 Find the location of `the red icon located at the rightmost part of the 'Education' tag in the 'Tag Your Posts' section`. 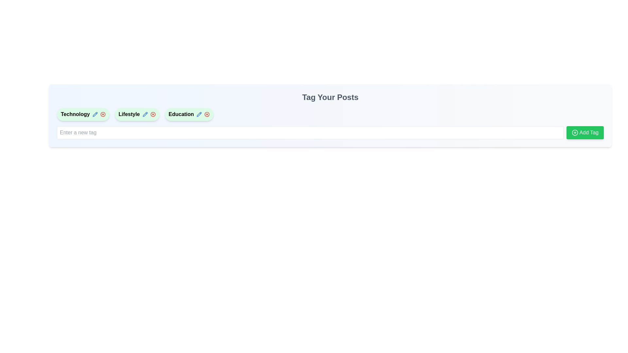

the red icon located at the rightmost part of the 'Education' tag in the 'Tag Your Posts' section is located at coordinates (206, 114).